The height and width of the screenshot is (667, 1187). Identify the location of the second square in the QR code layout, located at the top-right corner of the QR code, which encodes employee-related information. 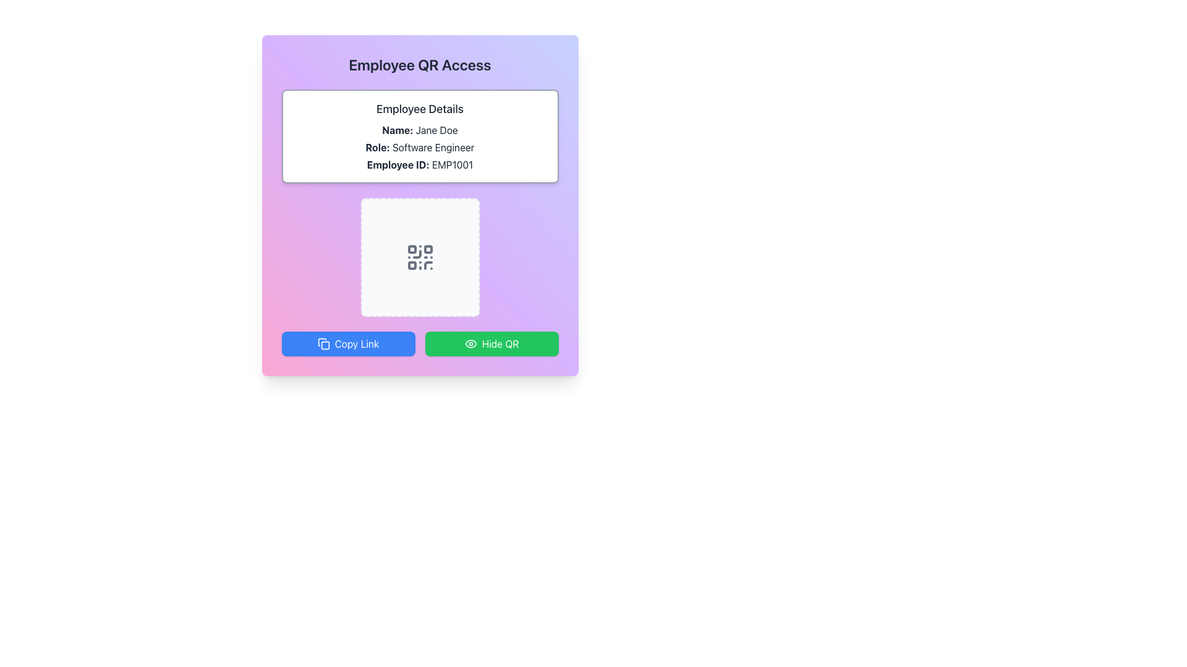
(428, 250).